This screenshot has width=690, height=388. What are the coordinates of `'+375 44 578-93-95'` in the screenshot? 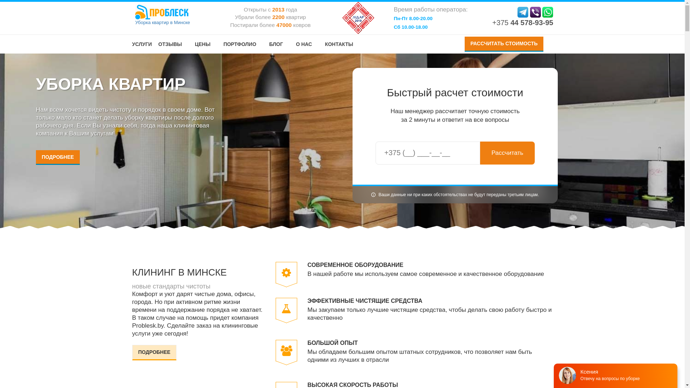 It's located at (523, 22).